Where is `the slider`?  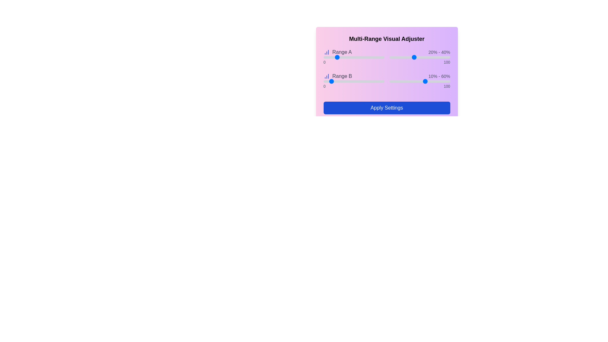
the slider is located at coordinates (380, 57).